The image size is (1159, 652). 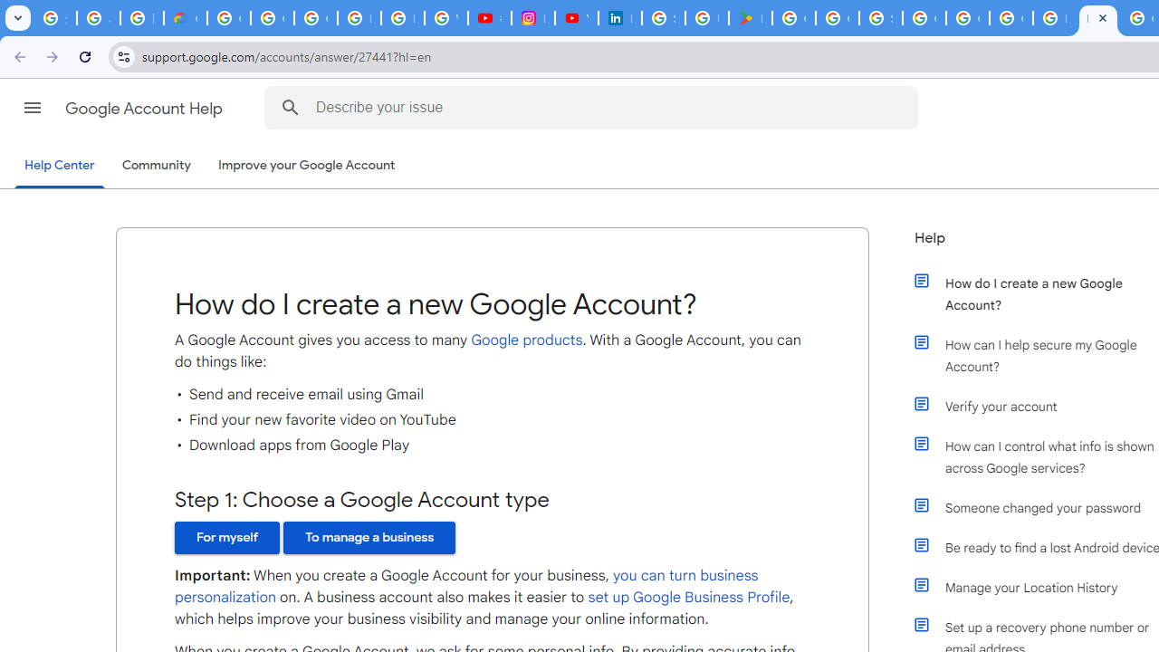 I want to click on 'Improve your Google Account', so click(x=307, y=166).